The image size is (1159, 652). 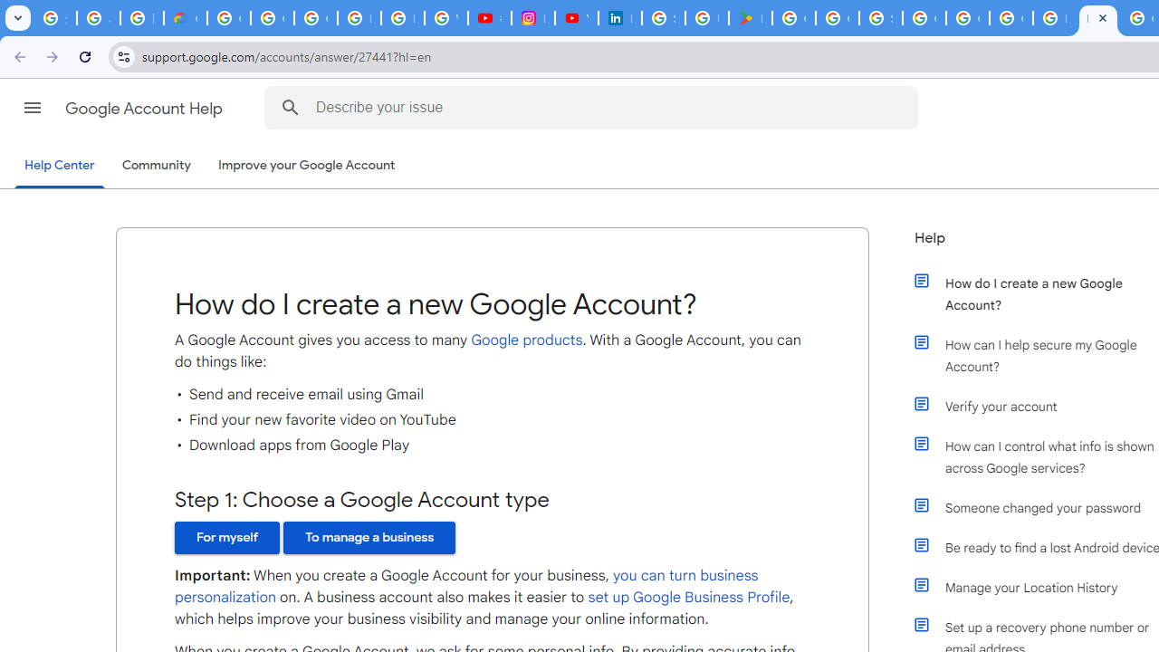 I want to click on 'Improve your Google Account', so click(x=307, y=166).